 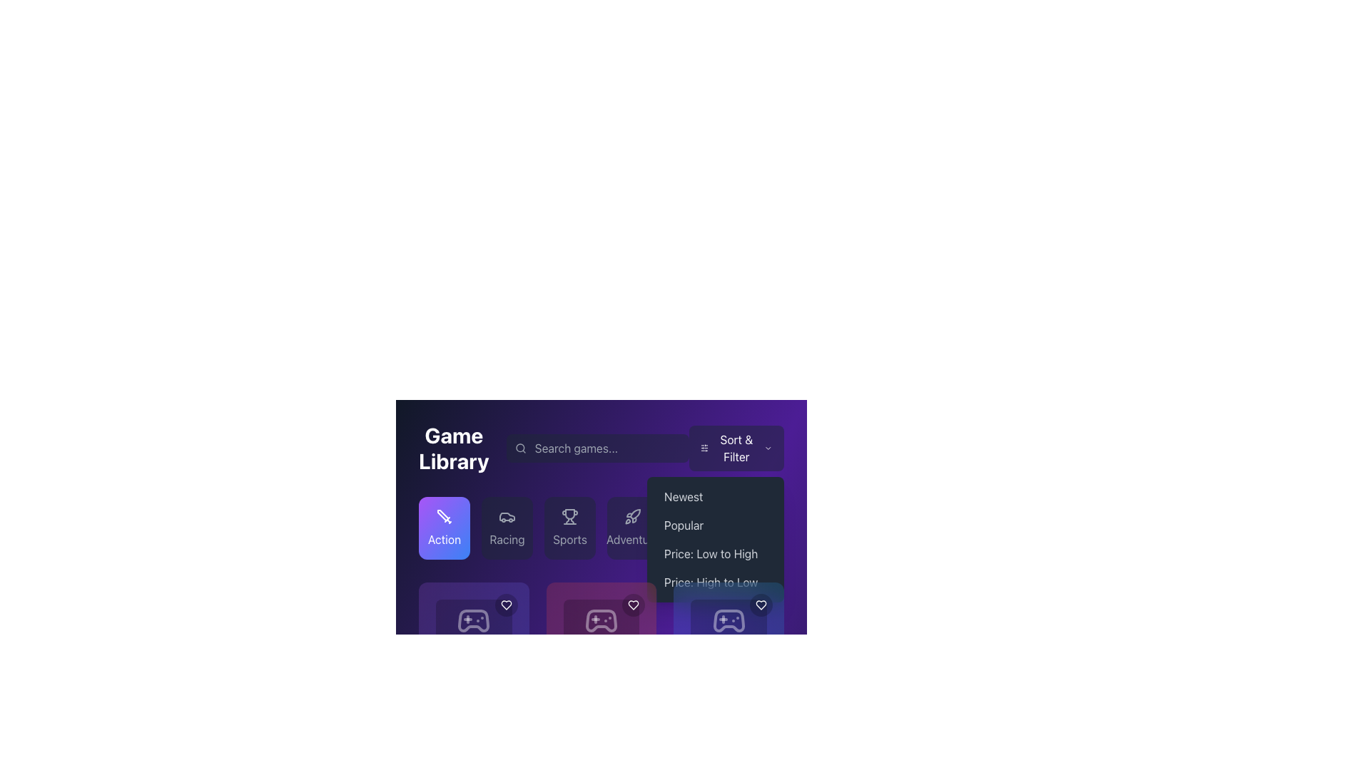 What do you see at coordinates (507, 517) in the screenshot?
I see `the car silhouette icon to trigger a tooltip or visual feedback` at bounding box center [507, 517].